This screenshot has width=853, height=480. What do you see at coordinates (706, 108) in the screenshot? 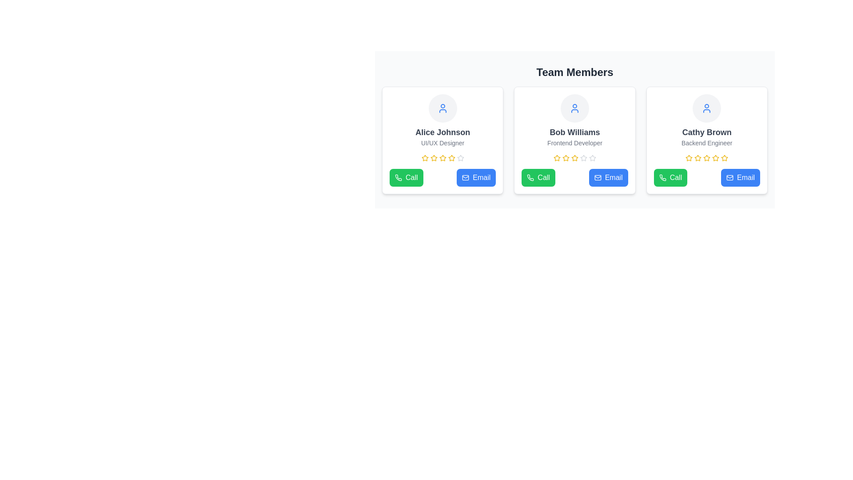
I see `the user avatar icon for 'Cathy Brown', which is the top-centered icon within the profile card and located in the third position from the left among the team member cards` at bounding box center [706, 108].